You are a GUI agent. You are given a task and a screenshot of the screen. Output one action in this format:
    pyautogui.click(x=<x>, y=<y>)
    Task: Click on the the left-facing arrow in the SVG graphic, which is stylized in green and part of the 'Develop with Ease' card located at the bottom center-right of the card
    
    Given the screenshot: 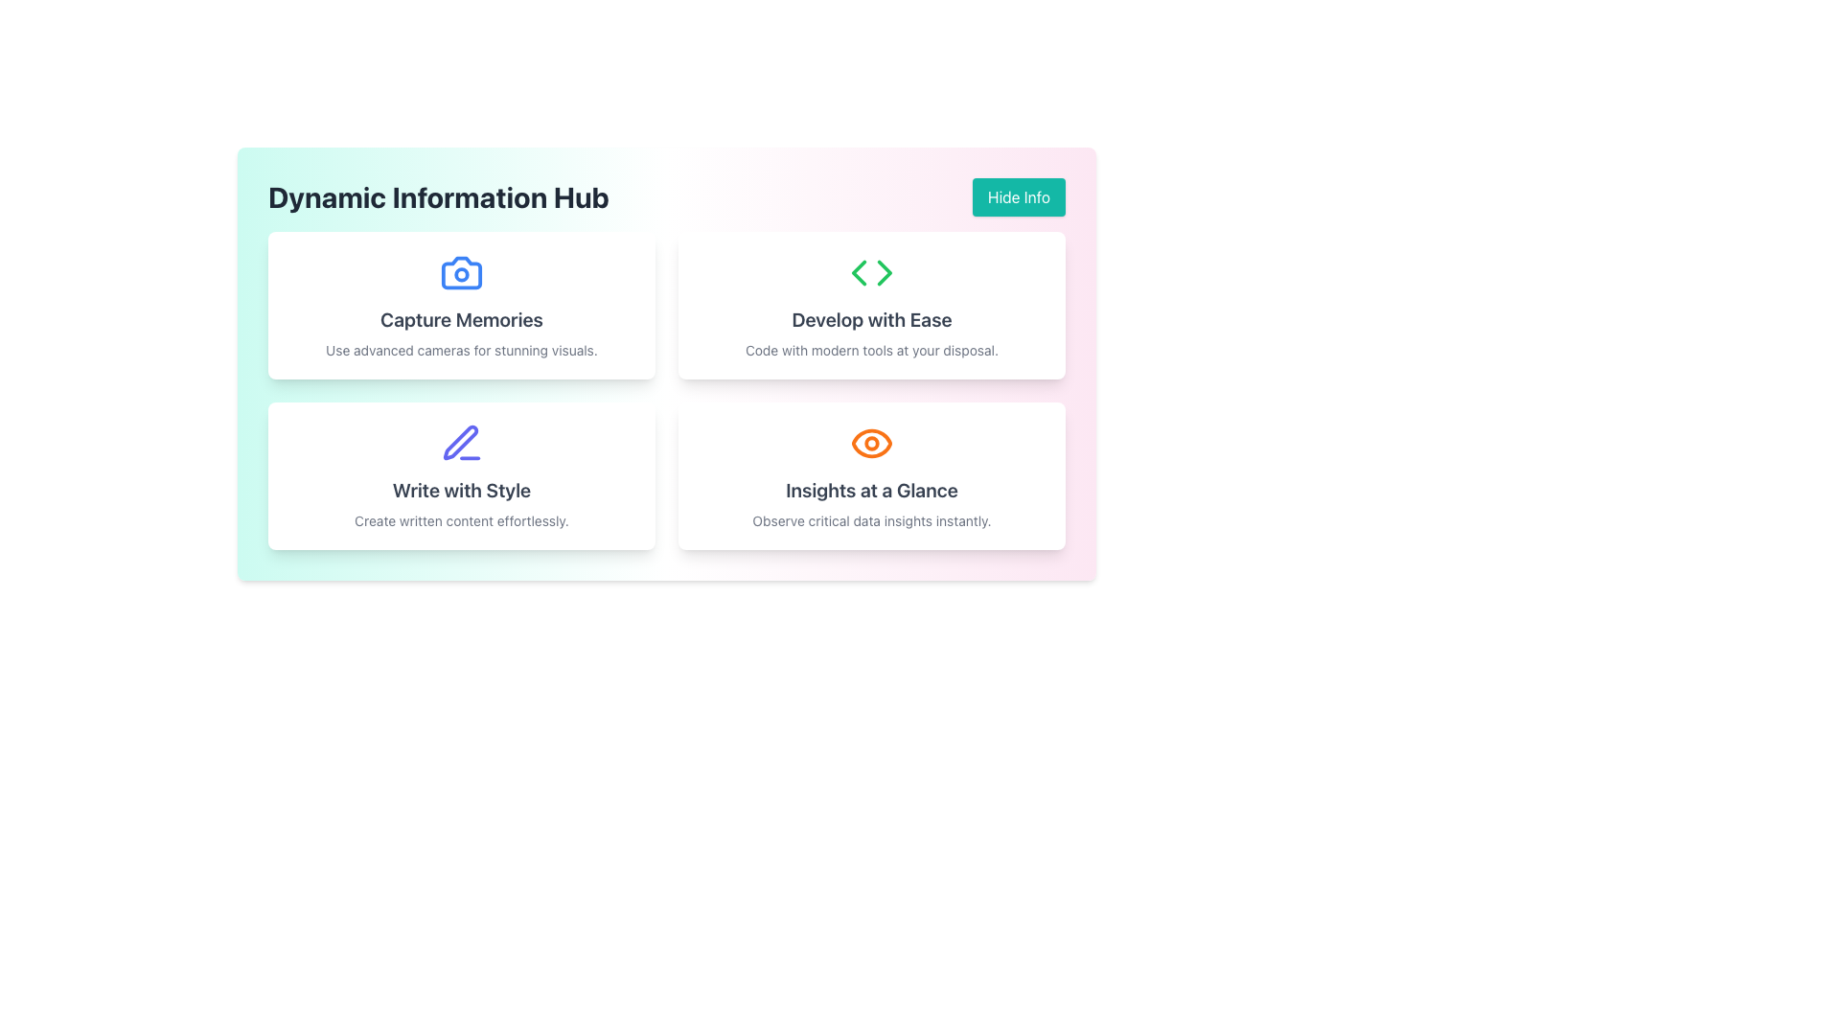 What is the action you would take?
    pyautogui.click(x=858, y=273)
    